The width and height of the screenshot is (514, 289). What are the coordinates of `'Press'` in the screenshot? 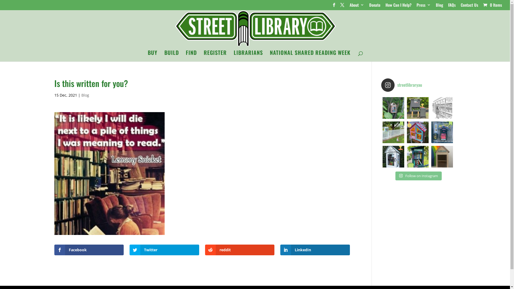 It's located at (416, 6).